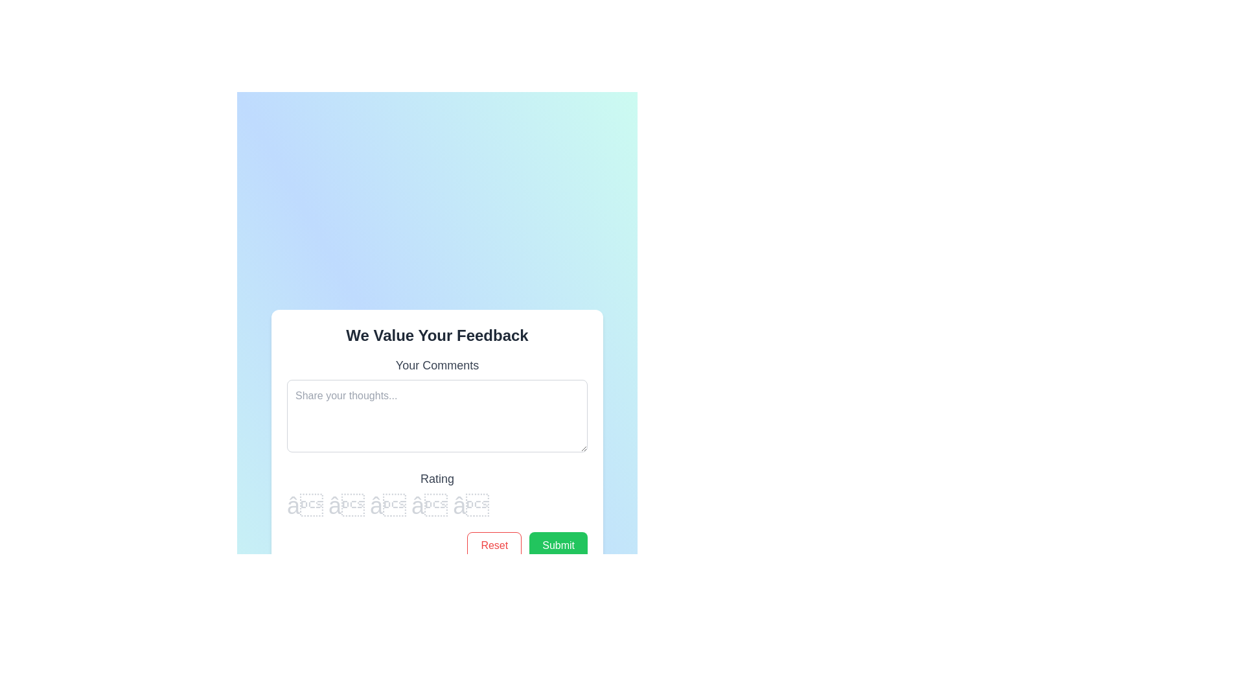 The height and width of the screenshot is (700, 1244). I want to click on the fifth star icon in the 'Rating' section, which is styled with a light gray color and changes to yellow on hover, to rate with five stars, so click(470, 505).